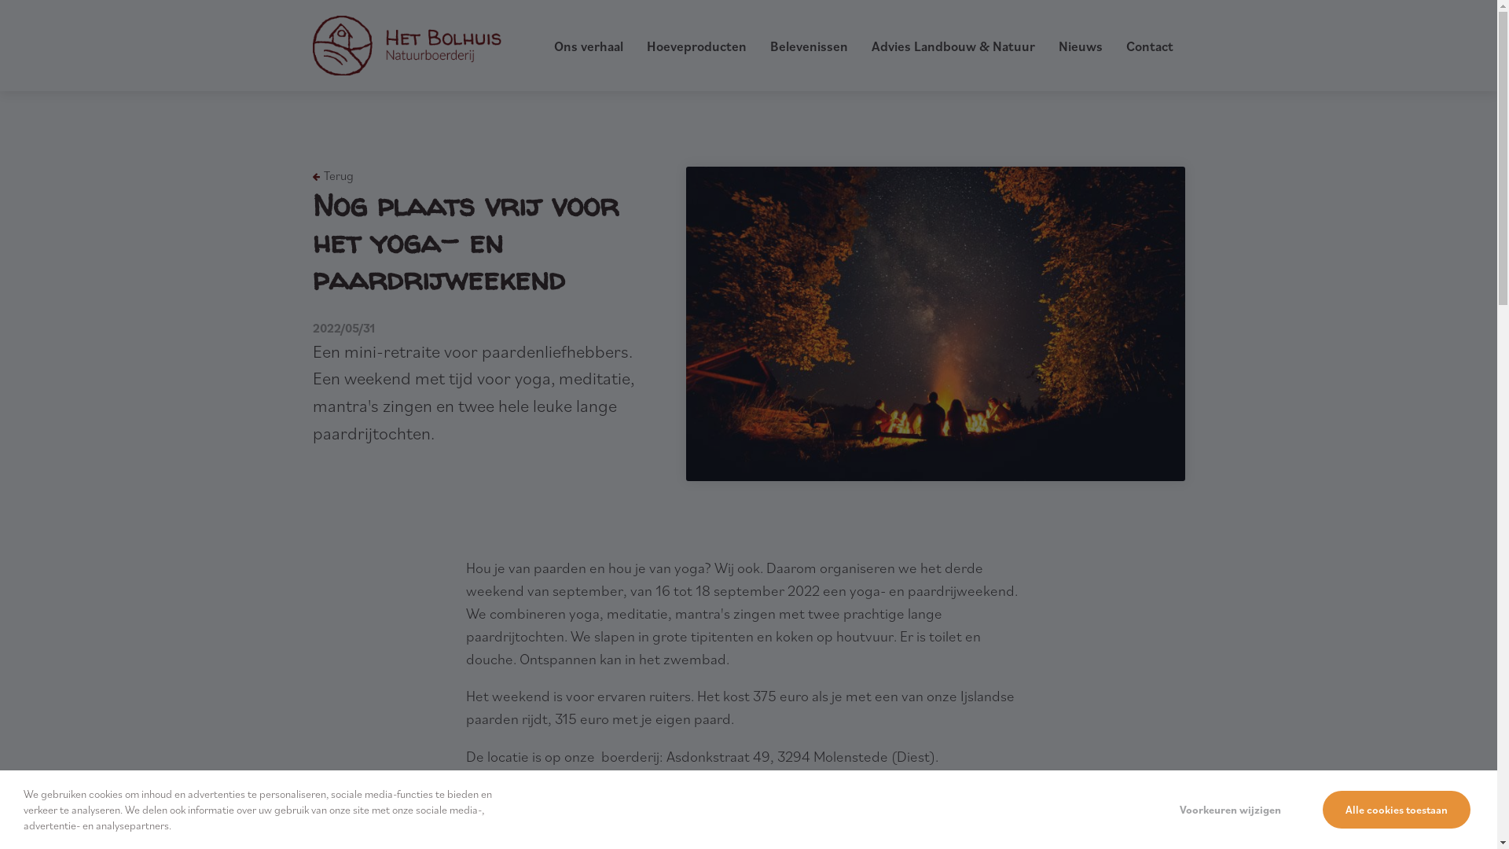  I want to click on 'Contact', so click(1124, 45).